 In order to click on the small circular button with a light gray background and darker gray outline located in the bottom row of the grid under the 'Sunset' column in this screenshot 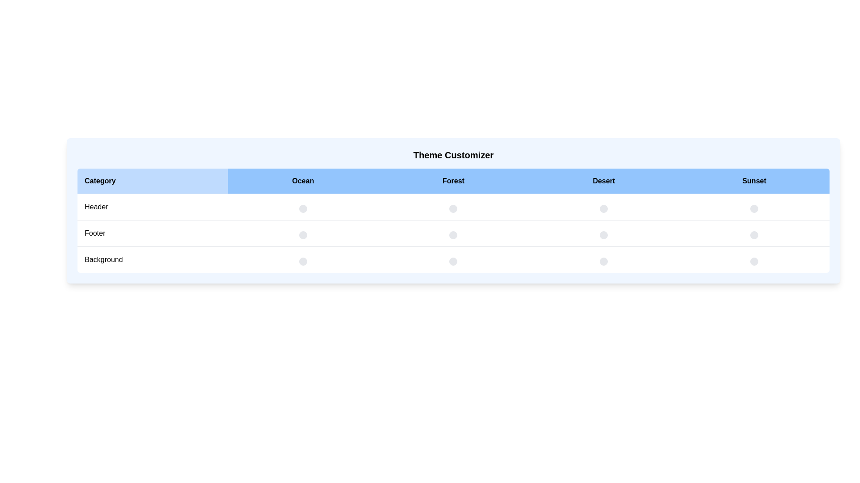, I will do `click(754, 262)`.